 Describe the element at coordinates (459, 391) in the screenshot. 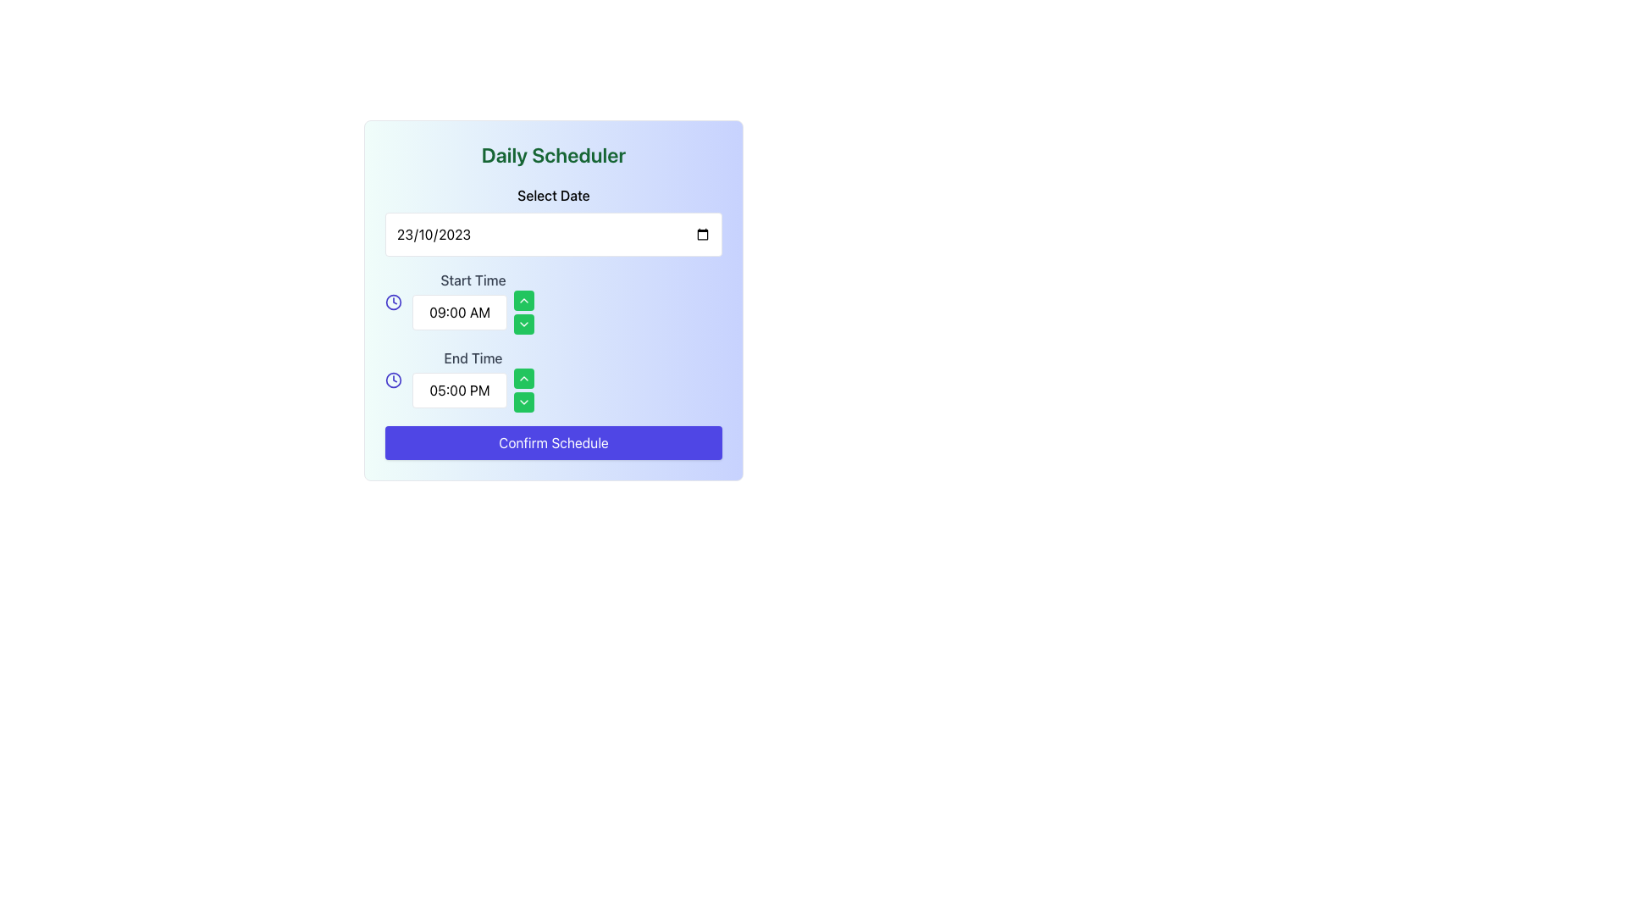

I see `the text input field displaying '05:00 PM' located under the 'End Time' section` at that location.